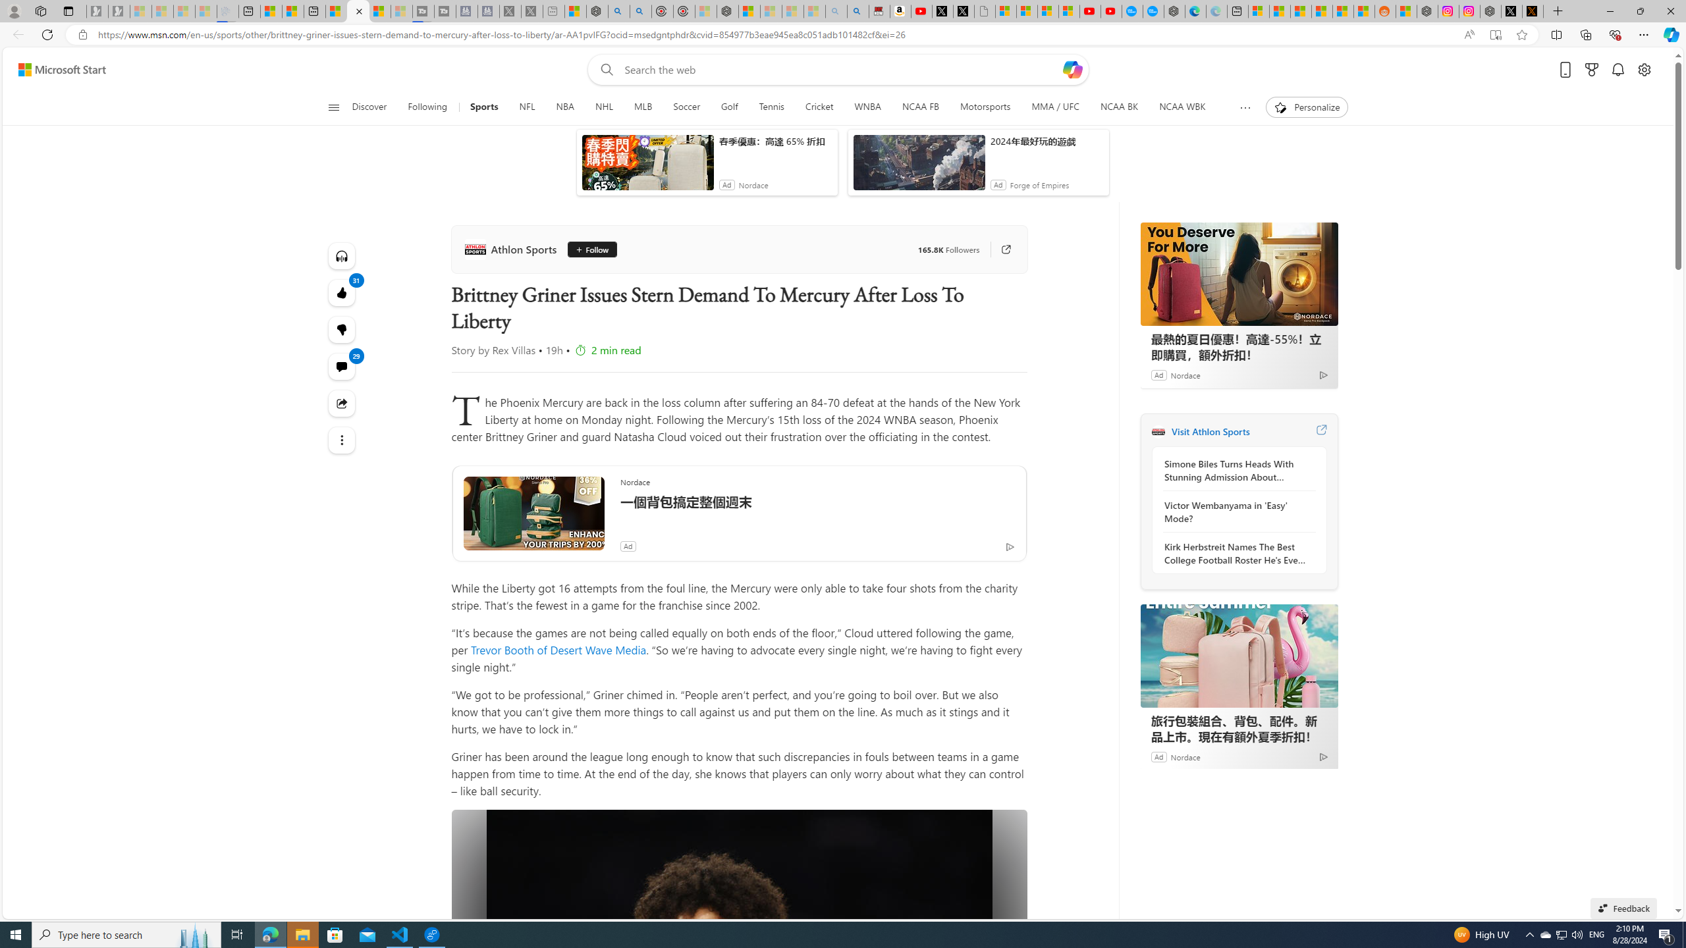 This screenshot has height=948, width=1686. Describe the element at coordinates (1643, 34) in the screenshot. I see `'Settings and more (Alt+F)'` at that location.